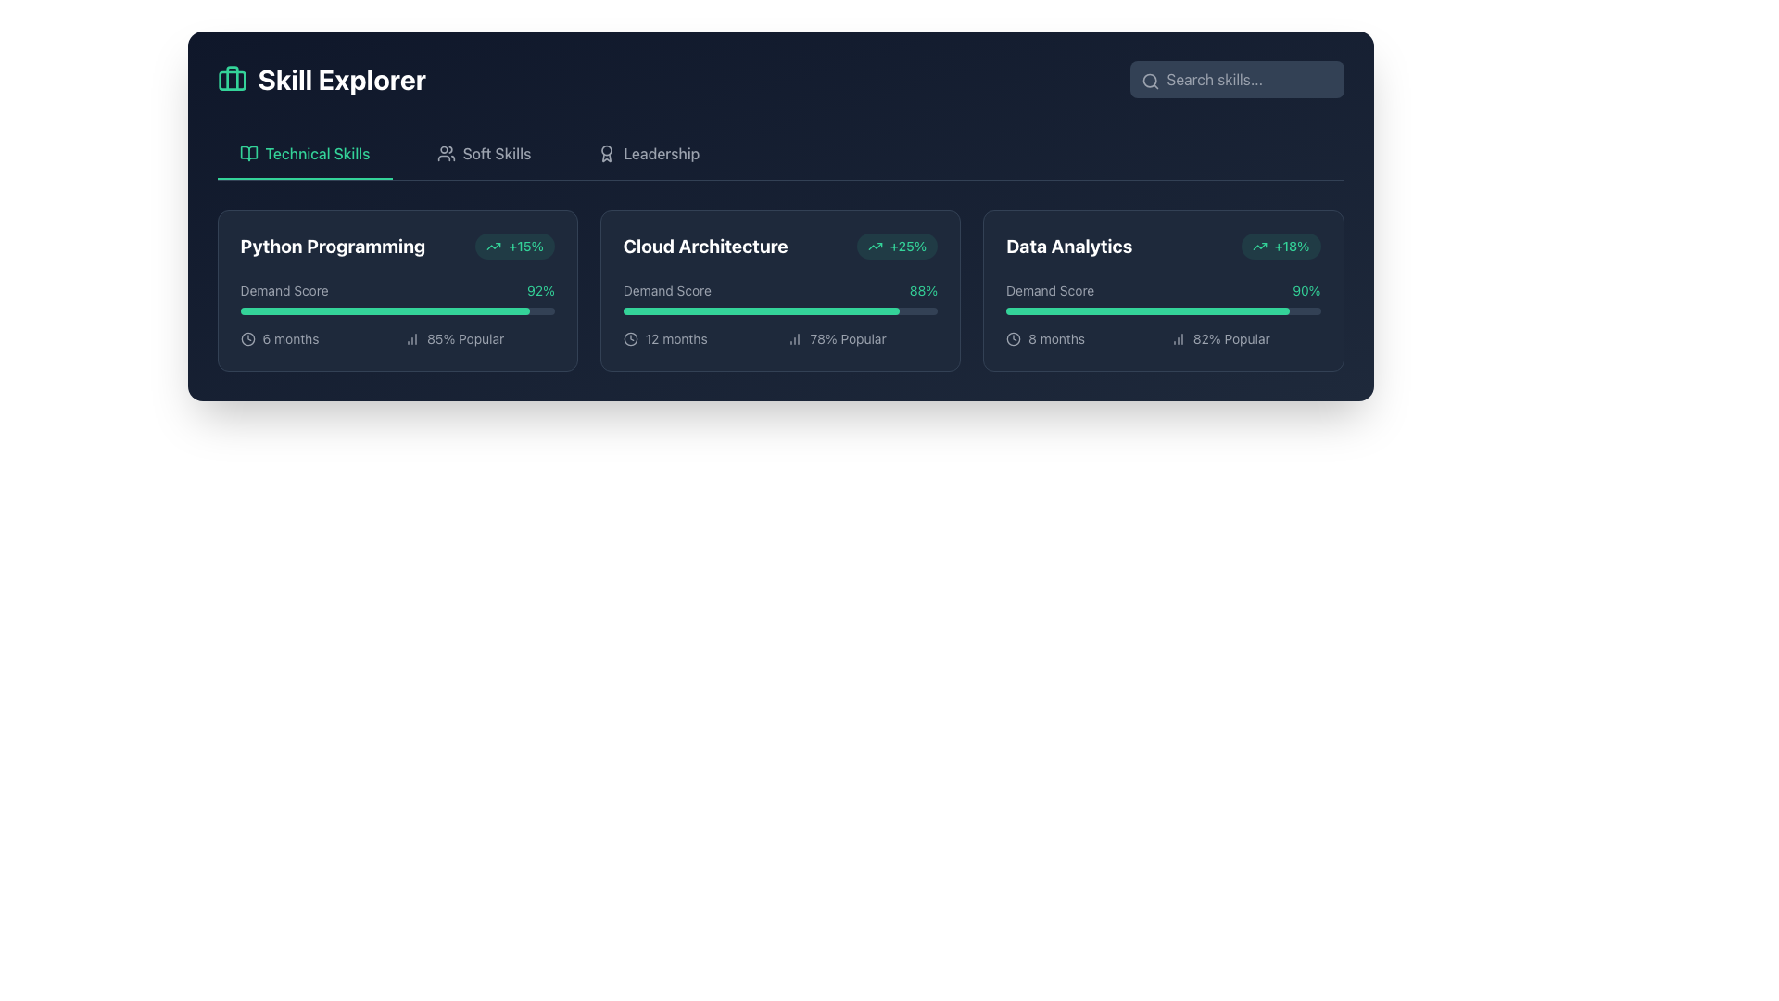  Describe the element at coordinates (284, 290) in the screenshot. I see `the text label displaying 'Demand Score' in a small, light gray font, located in the first card under the 'Python Programming' section, near the middle-left of the card, above a green progress bar and to the left of the '92%' text` at that location.